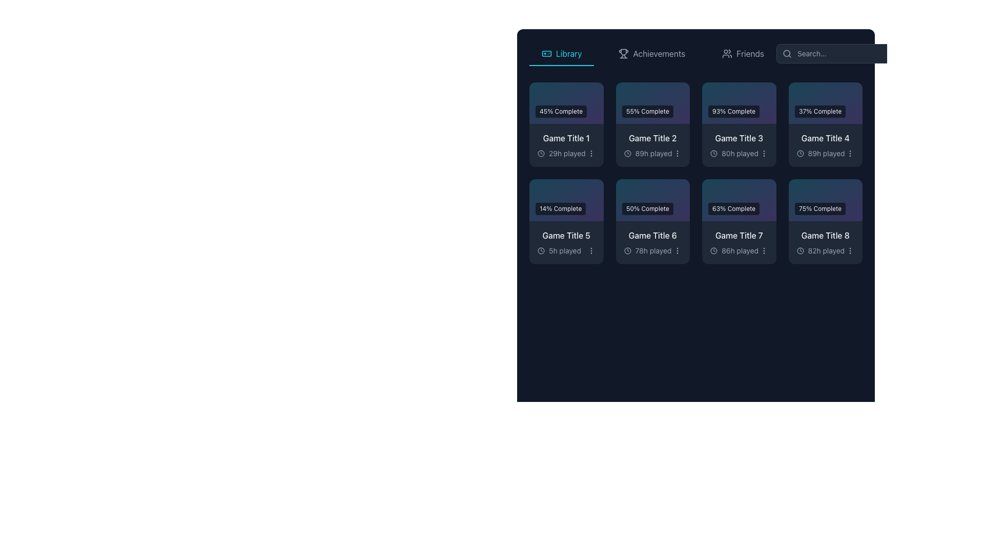  What do you see at coordinates (647, 208) in the screenshot?
I see `the text label displaying '50% Complete' located at the bottom-left corner of the sixth card in the library section interface` at bounding box center [647, 208].